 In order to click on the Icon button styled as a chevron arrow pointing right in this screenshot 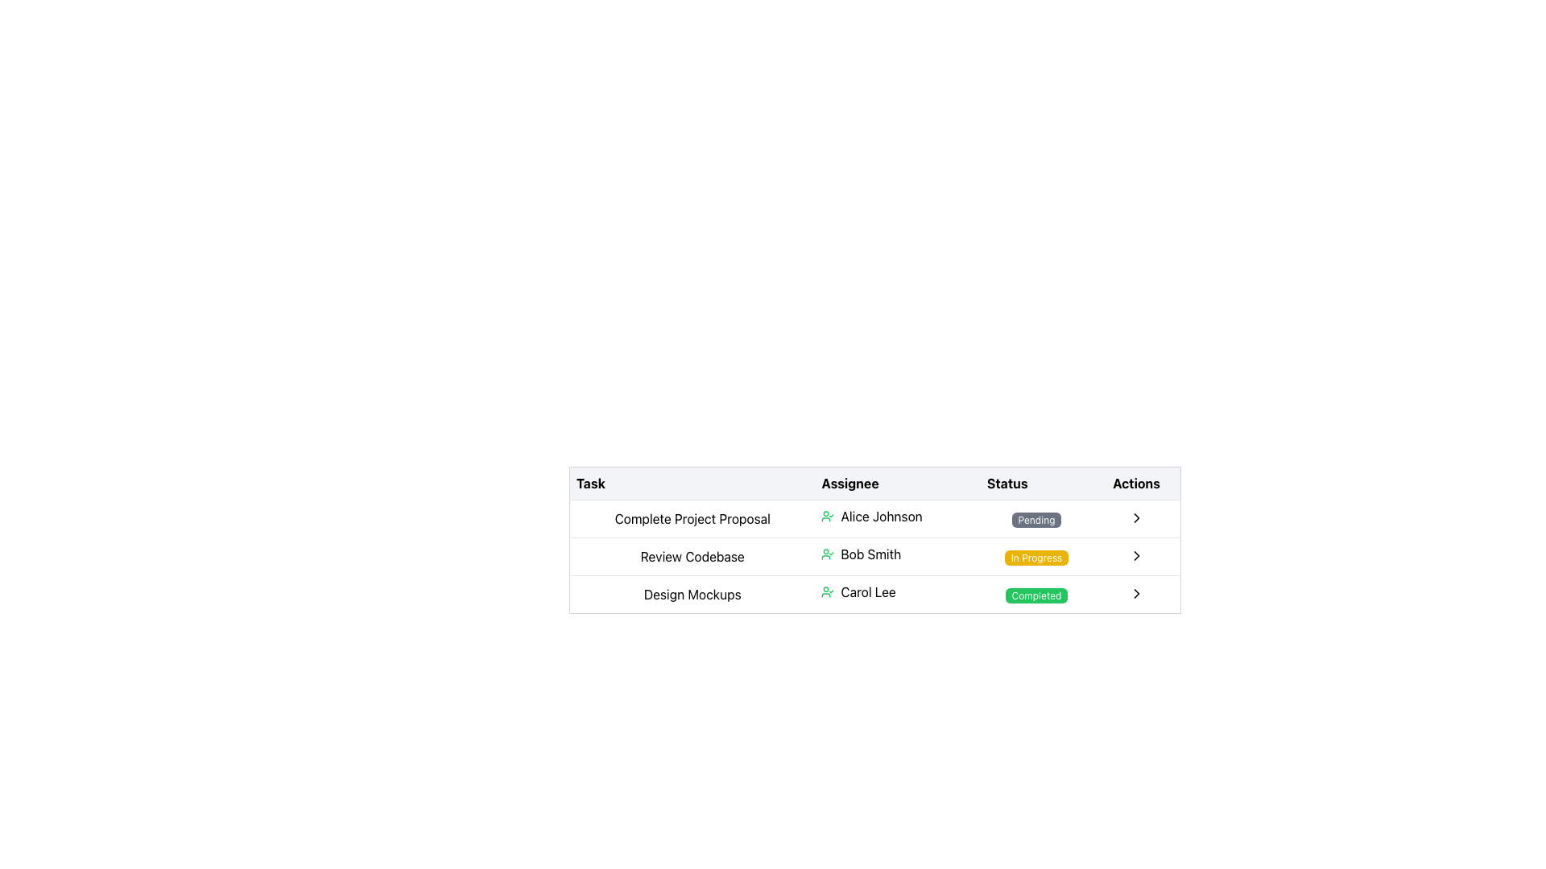, I will do `click(1135, 518)`.